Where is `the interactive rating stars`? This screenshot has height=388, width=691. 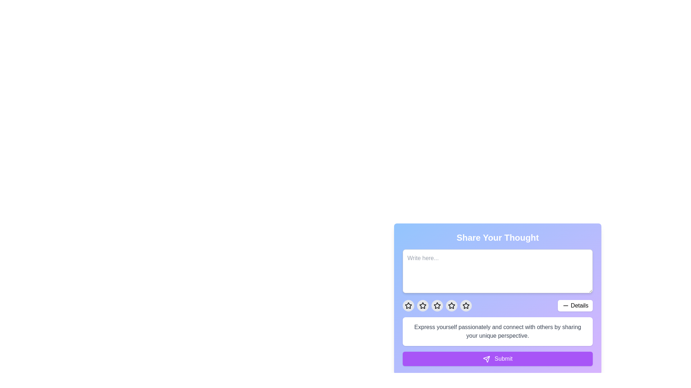 the interactive rating stars is located at coordinates (497, 306).